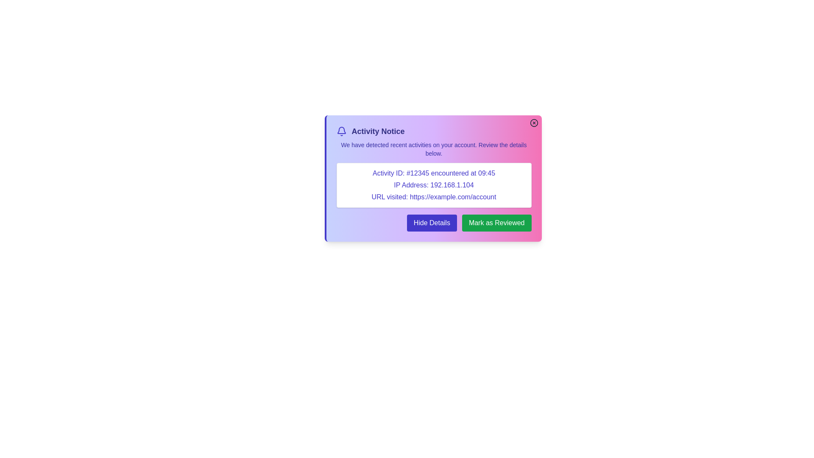 This screenshot has width=814, height=458. I want to click on the 'Mark as Reviewed' button to mark the alert as reviewed, so click(496, 222).